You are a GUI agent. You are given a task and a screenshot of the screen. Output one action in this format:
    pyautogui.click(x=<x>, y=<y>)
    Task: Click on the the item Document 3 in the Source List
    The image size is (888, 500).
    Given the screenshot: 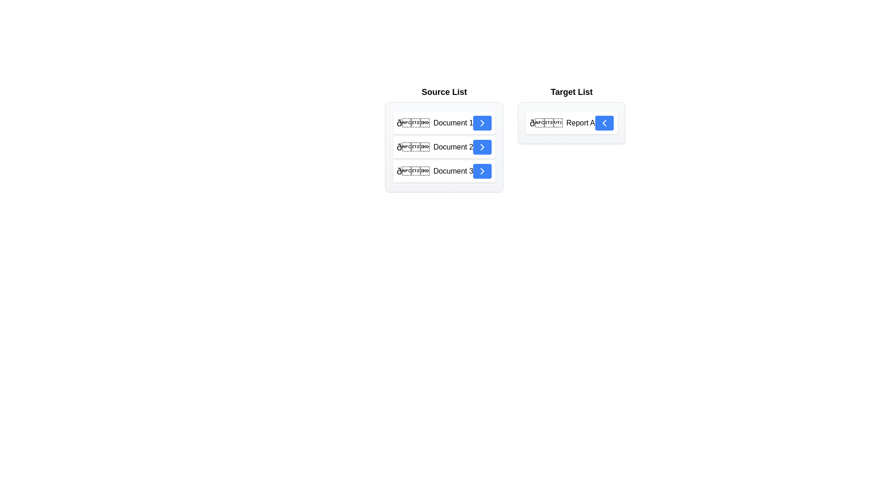 What is the action you would take?
    pyautogui.click(x=444, y=171)
    